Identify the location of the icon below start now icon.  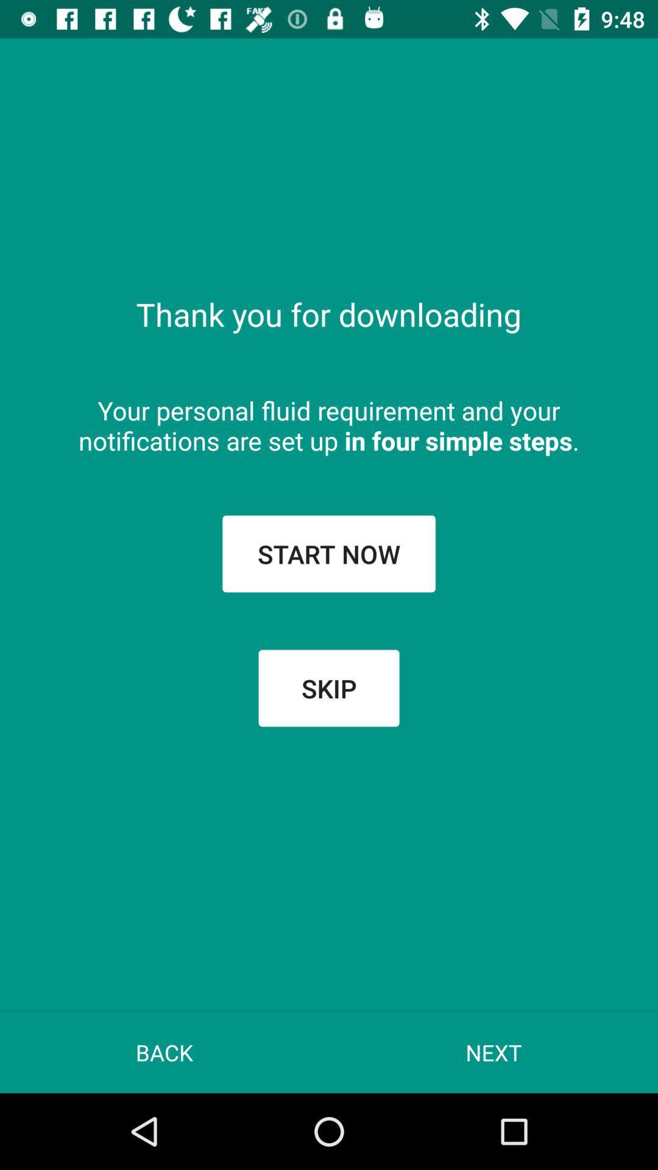
(329, 688).